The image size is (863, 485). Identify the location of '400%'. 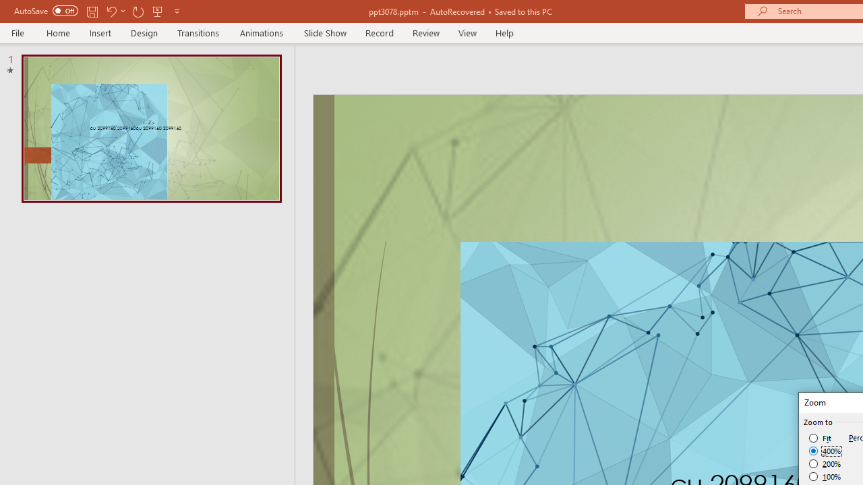
(825, 451).